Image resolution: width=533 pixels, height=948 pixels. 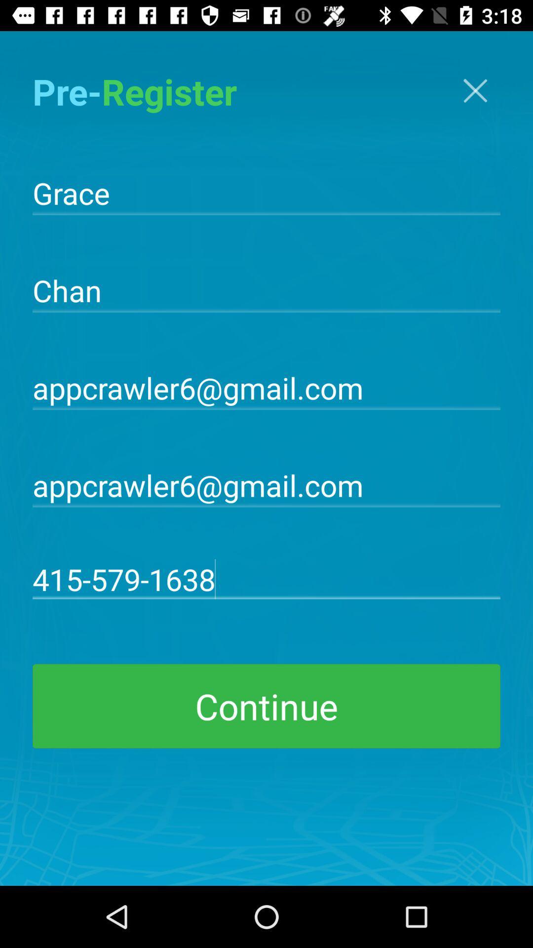 What do you see at coordinates (266, 192) in the screenshot?
I see `item below pre-register` at bounding box center [266, 192].